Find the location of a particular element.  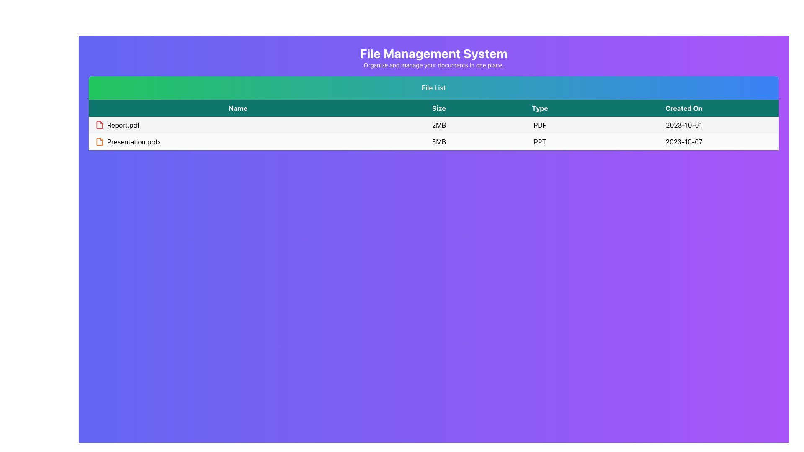

the file type visually is located at coordinates (100, 141).